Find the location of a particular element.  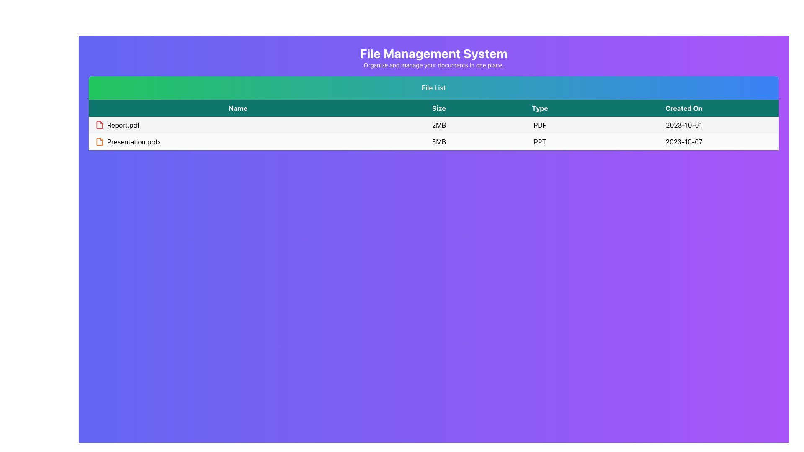

the file type visually is located at coordinates (100, 141).